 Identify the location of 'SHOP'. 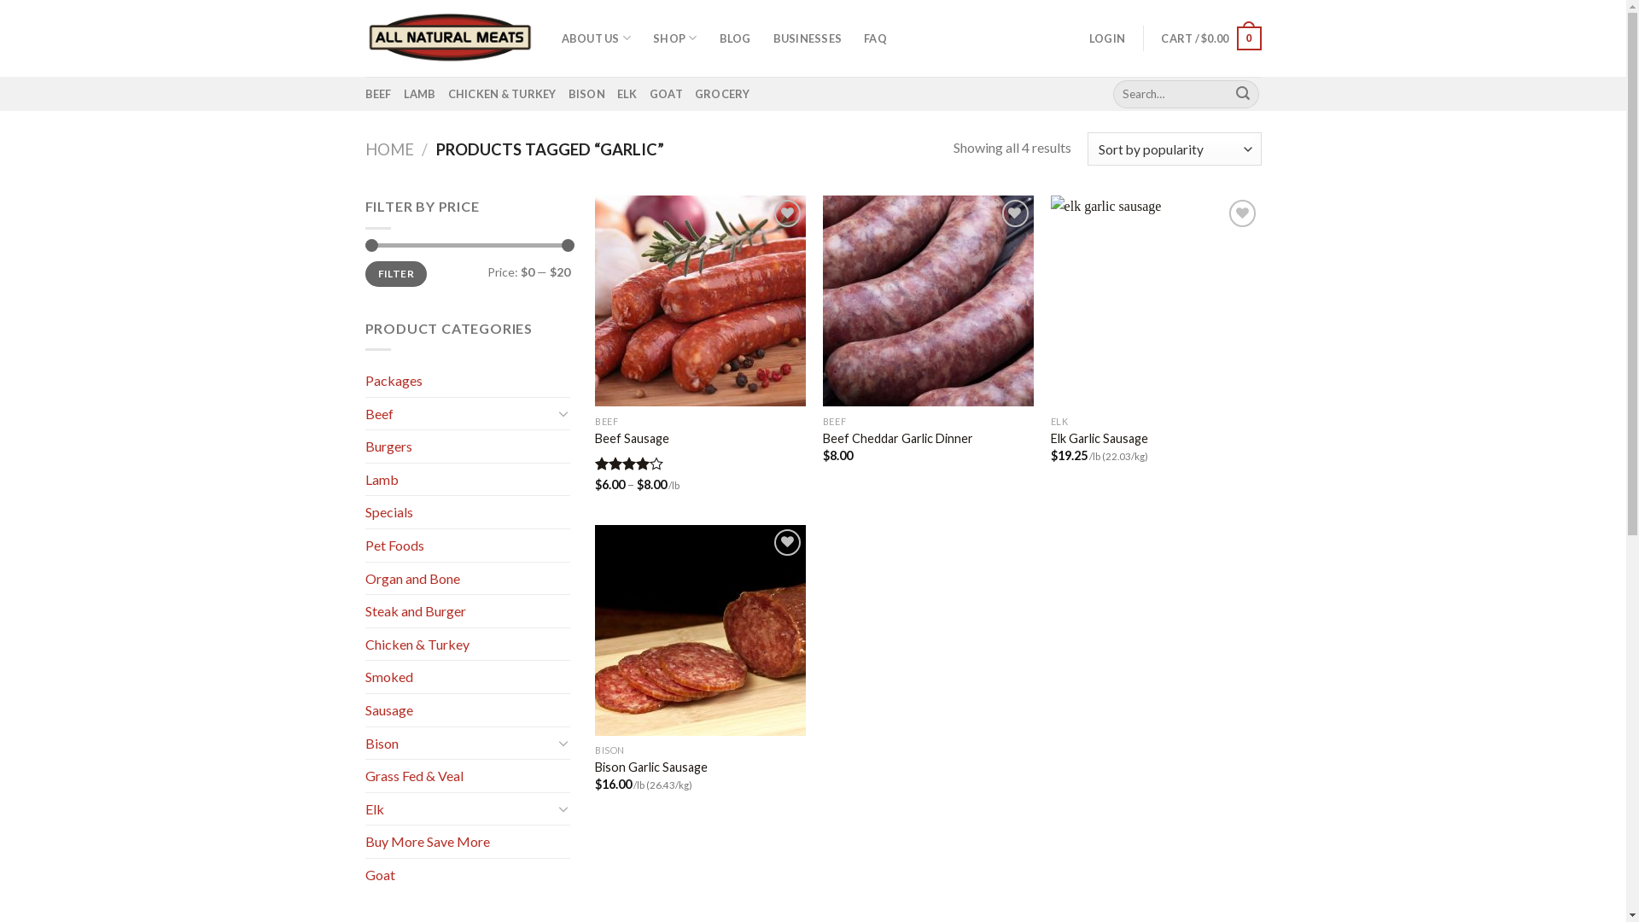
(674, 38).